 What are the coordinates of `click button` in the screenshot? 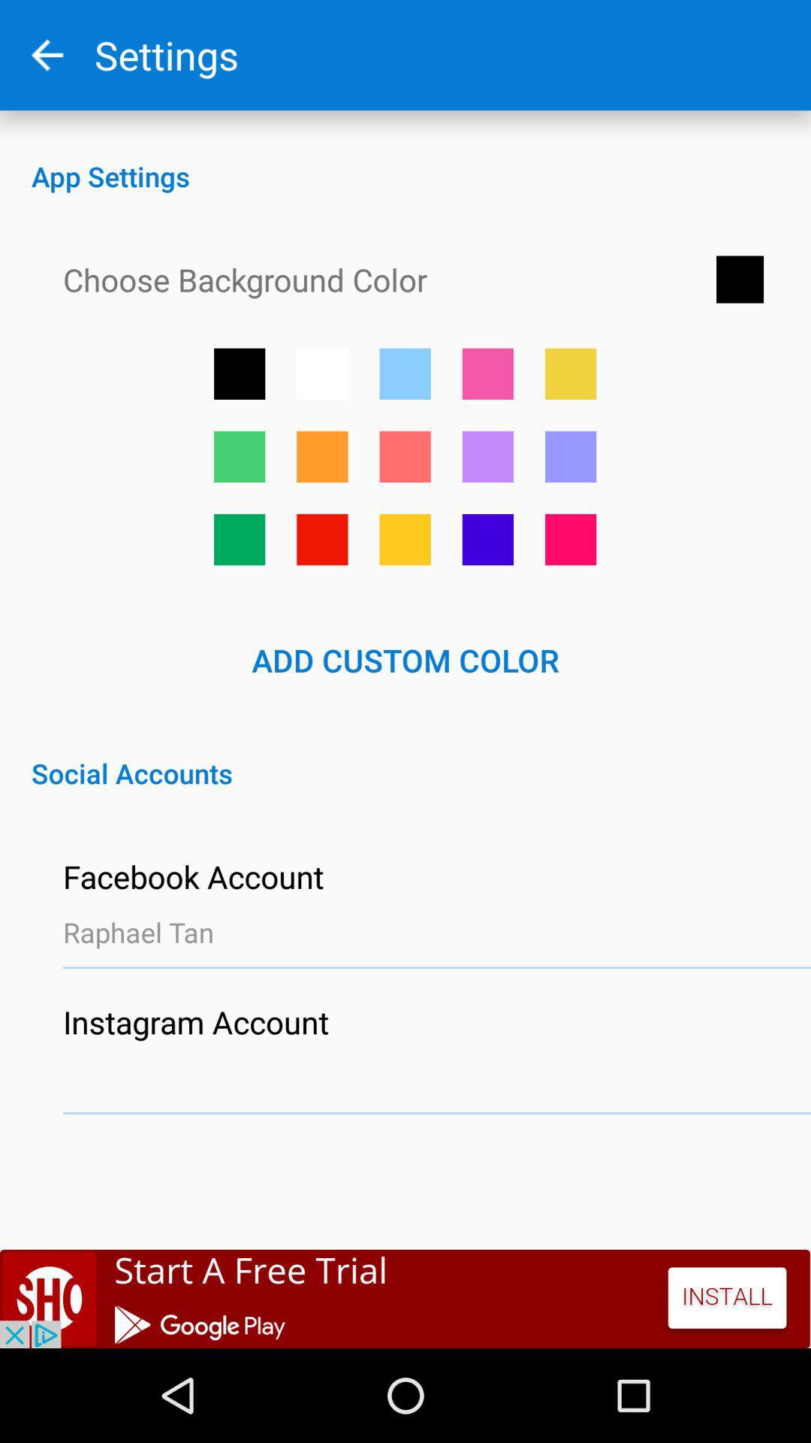 It's located at (321, 455).